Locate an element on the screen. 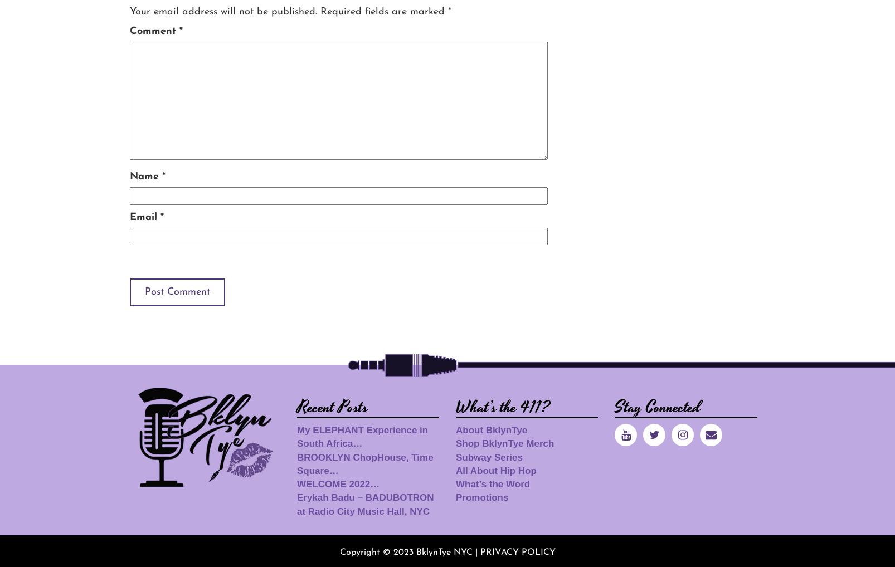 This screenshot has height=567, width=895. 'Required fields are marked' is located at coordinates (320, 11).